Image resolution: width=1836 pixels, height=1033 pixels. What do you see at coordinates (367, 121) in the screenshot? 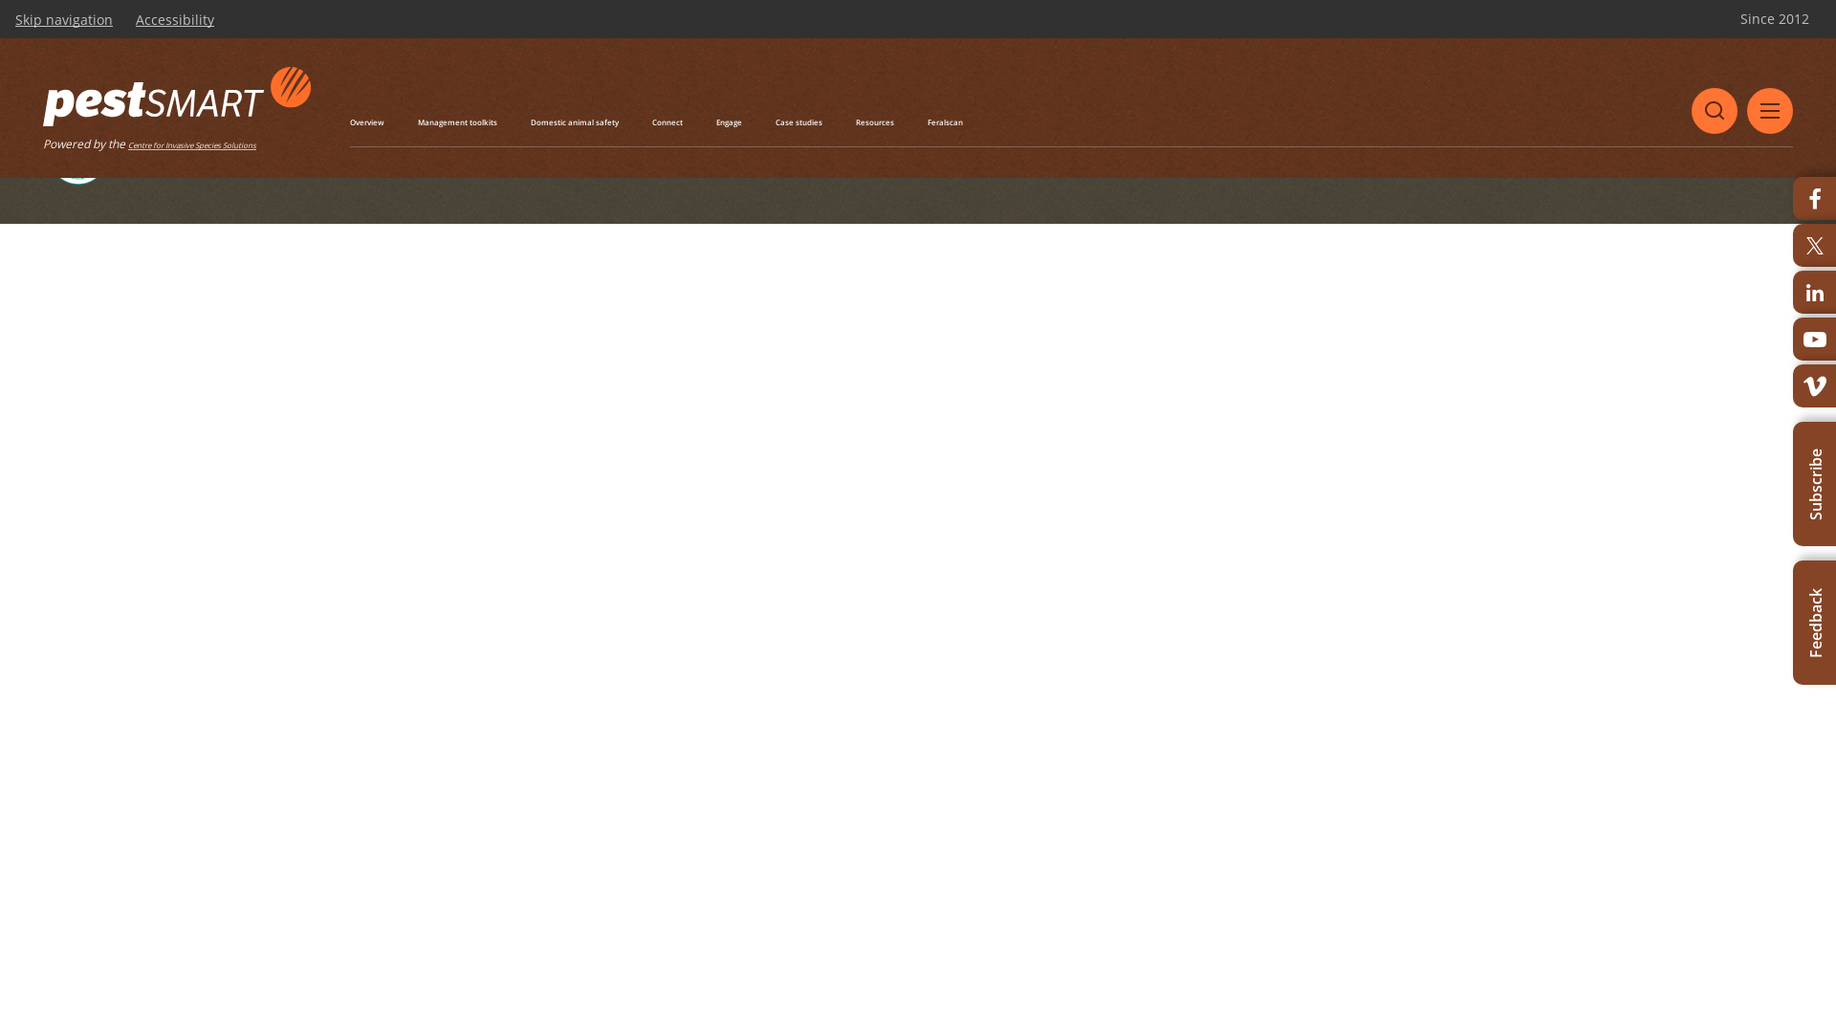
I see `'Overview'` at bounding box center [367, 121].